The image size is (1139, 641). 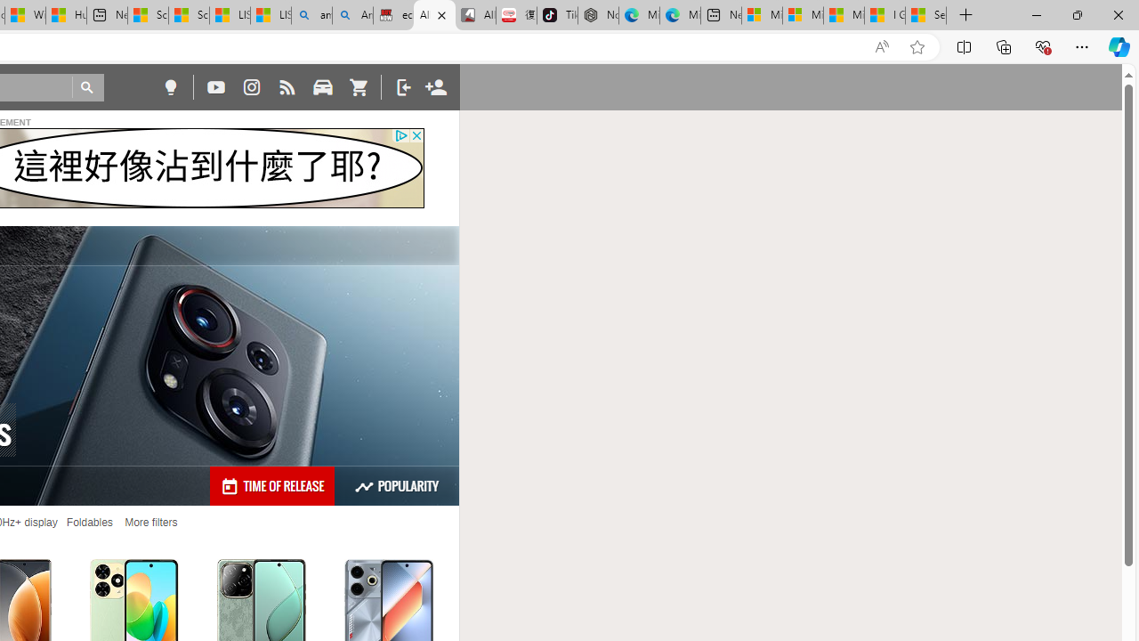 What do you see at coordinates (352, 15) in the screenshot?
I see `'Amazon Echo Dot PNG - Search Images'` at bounding box center [352, 15].